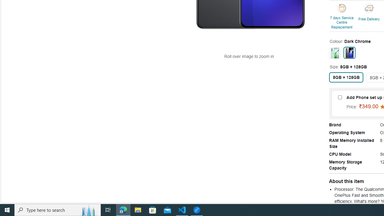 This screenshot has width=384, height=216. What do you see at coordinates (369, 8) in the screenshot?
I see `'Free Delivery'` at bounding box center [369, 8].